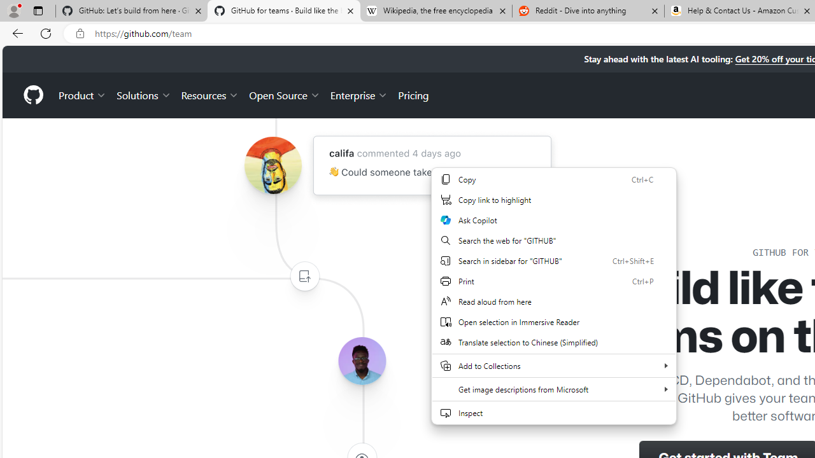  What do you see at coordinates (554, 389) in the screenshot?
I see `'Get image descriptions from Microsoft'` at bounding box center [554, 389].